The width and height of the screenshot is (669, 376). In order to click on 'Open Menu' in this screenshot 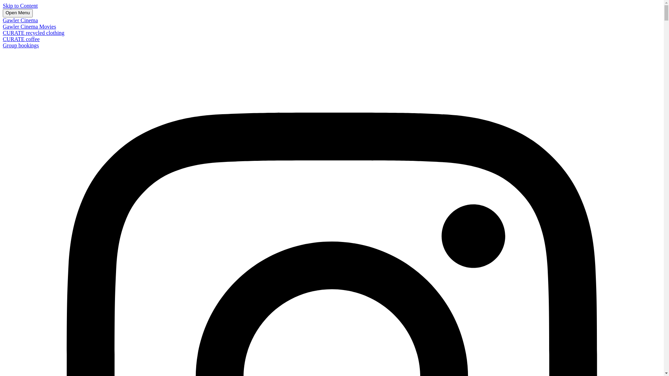, I will do `click(18, 13)`.